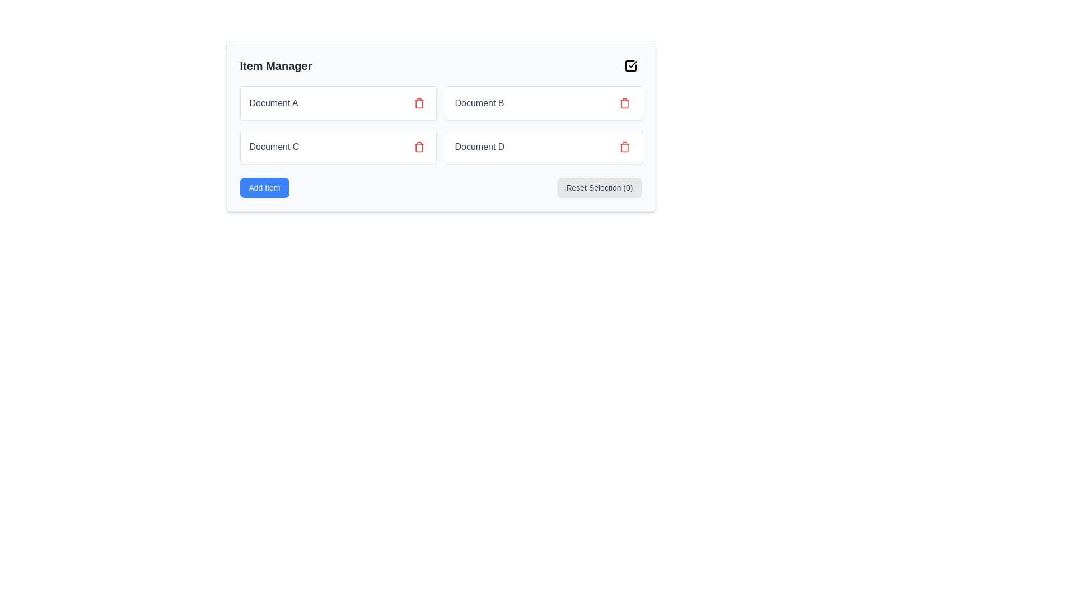  Describe the element at coordinates (418, 103) in the screenshot. I see `the trash can icon button located at the end of the row labeled 'Document A' in the document list grid` at that location.